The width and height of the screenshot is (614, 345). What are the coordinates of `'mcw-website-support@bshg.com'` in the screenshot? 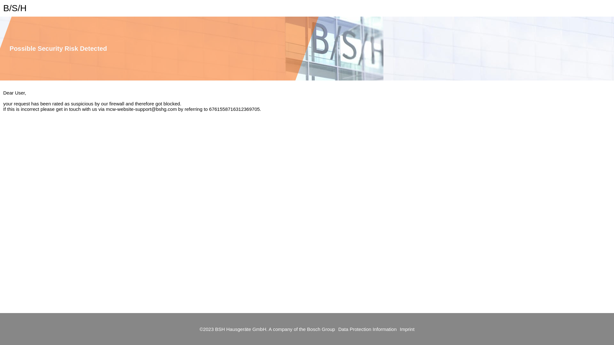 It's located at (141, 109).